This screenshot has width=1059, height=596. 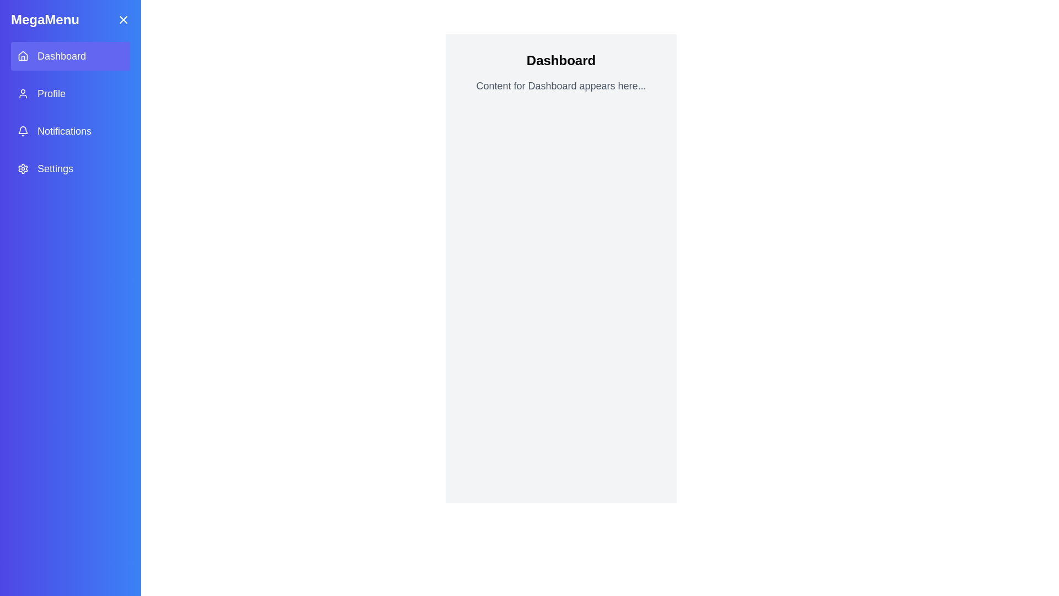 I want to click on the decorative graphical icon for the 'Profile' menu item located in the left sidebar near the top, positioned adjacent to the 'Profile' text label, so click(x=23, y=93).